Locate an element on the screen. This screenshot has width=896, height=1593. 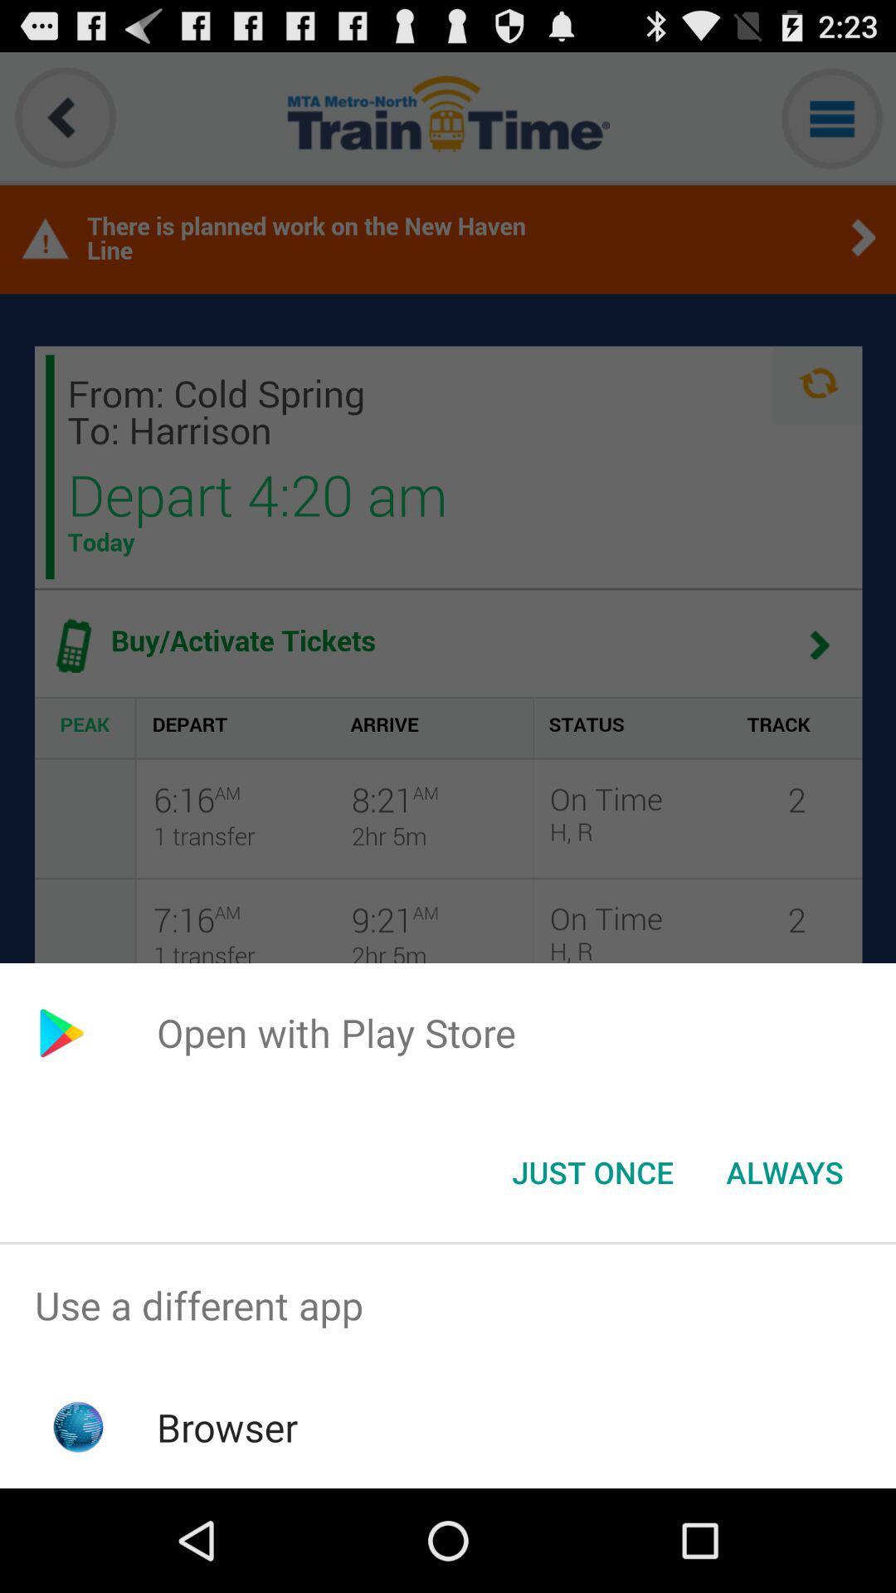
the icon below the use a different is located at coordinates (227, 1426).